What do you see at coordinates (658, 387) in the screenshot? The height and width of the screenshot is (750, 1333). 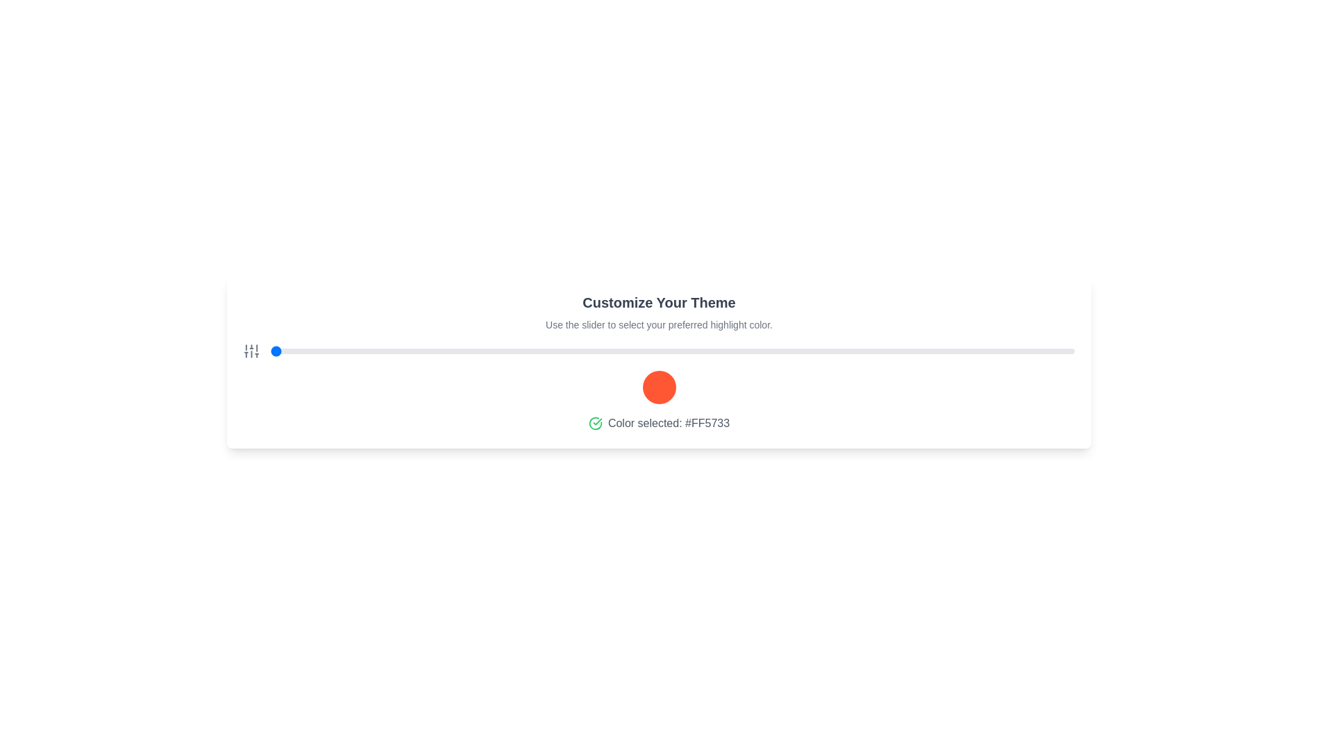 I see `the Color Preview Circle that visually represents the selected color in the theme customization tool, located below the slider and above the text 'Color selected: #FF5733'` at bounding box center [658, 387].